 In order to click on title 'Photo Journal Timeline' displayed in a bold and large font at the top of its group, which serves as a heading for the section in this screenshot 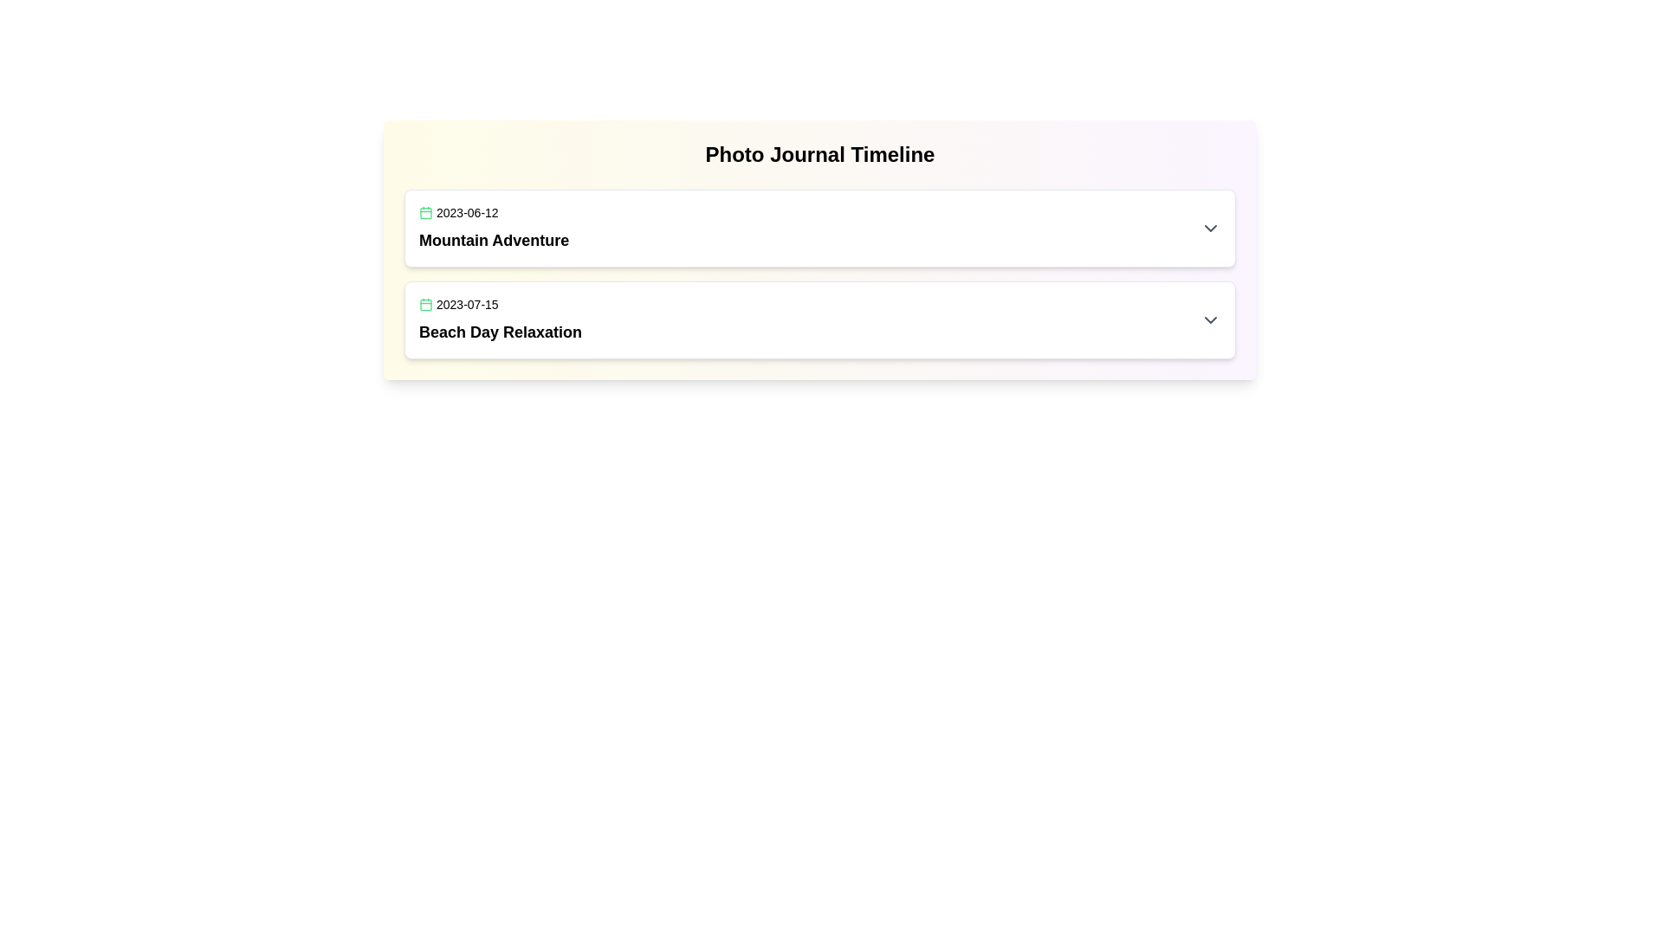, I will do `click(819, 153)`.